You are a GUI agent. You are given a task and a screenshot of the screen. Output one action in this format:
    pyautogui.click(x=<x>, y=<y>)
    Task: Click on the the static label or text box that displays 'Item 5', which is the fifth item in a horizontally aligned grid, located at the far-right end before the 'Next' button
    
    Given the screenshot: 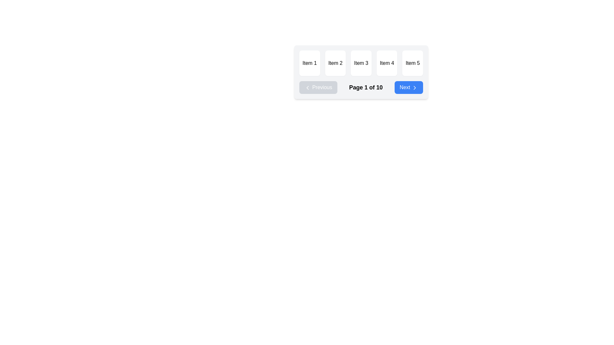 What is the action you would take?
    pyautogui.click(x=413, y=63)
    